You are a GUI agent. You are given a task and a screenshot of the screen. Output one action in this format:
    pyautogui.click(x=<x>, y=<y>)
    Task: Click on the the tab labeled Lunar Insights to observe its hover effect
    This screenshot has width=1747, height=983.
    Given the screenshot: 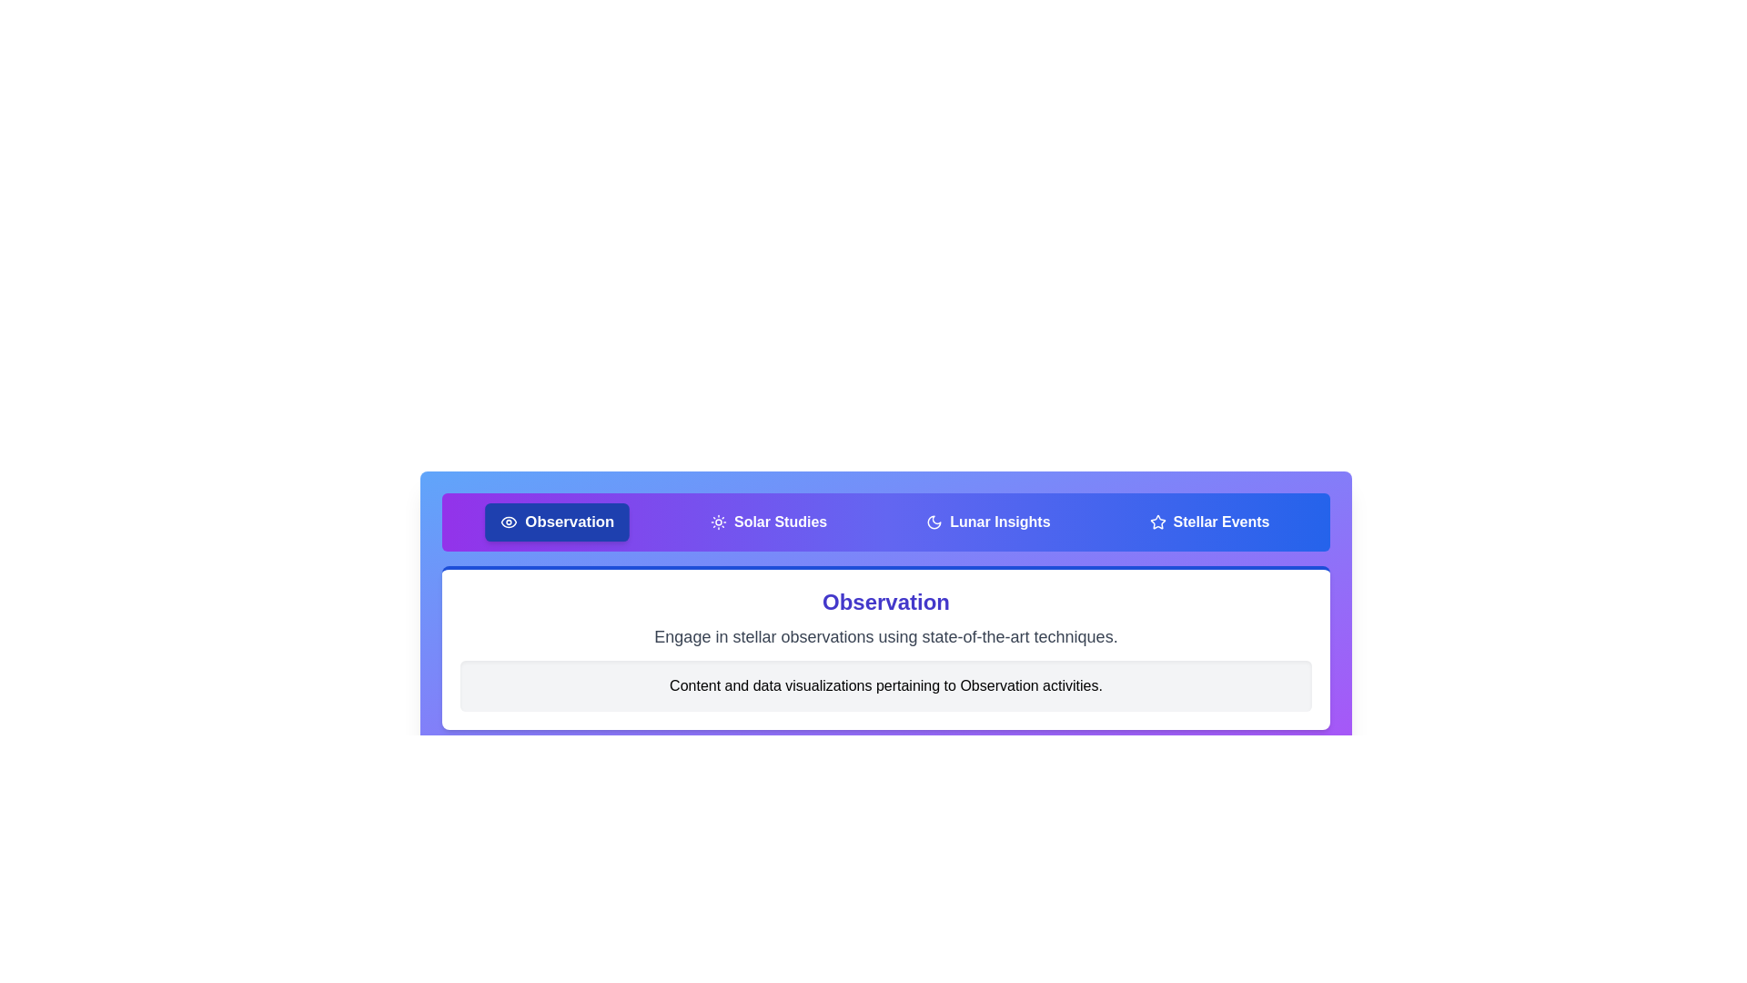 What is the action you would take?
    pyautogui.click(x=987, y=522)
    